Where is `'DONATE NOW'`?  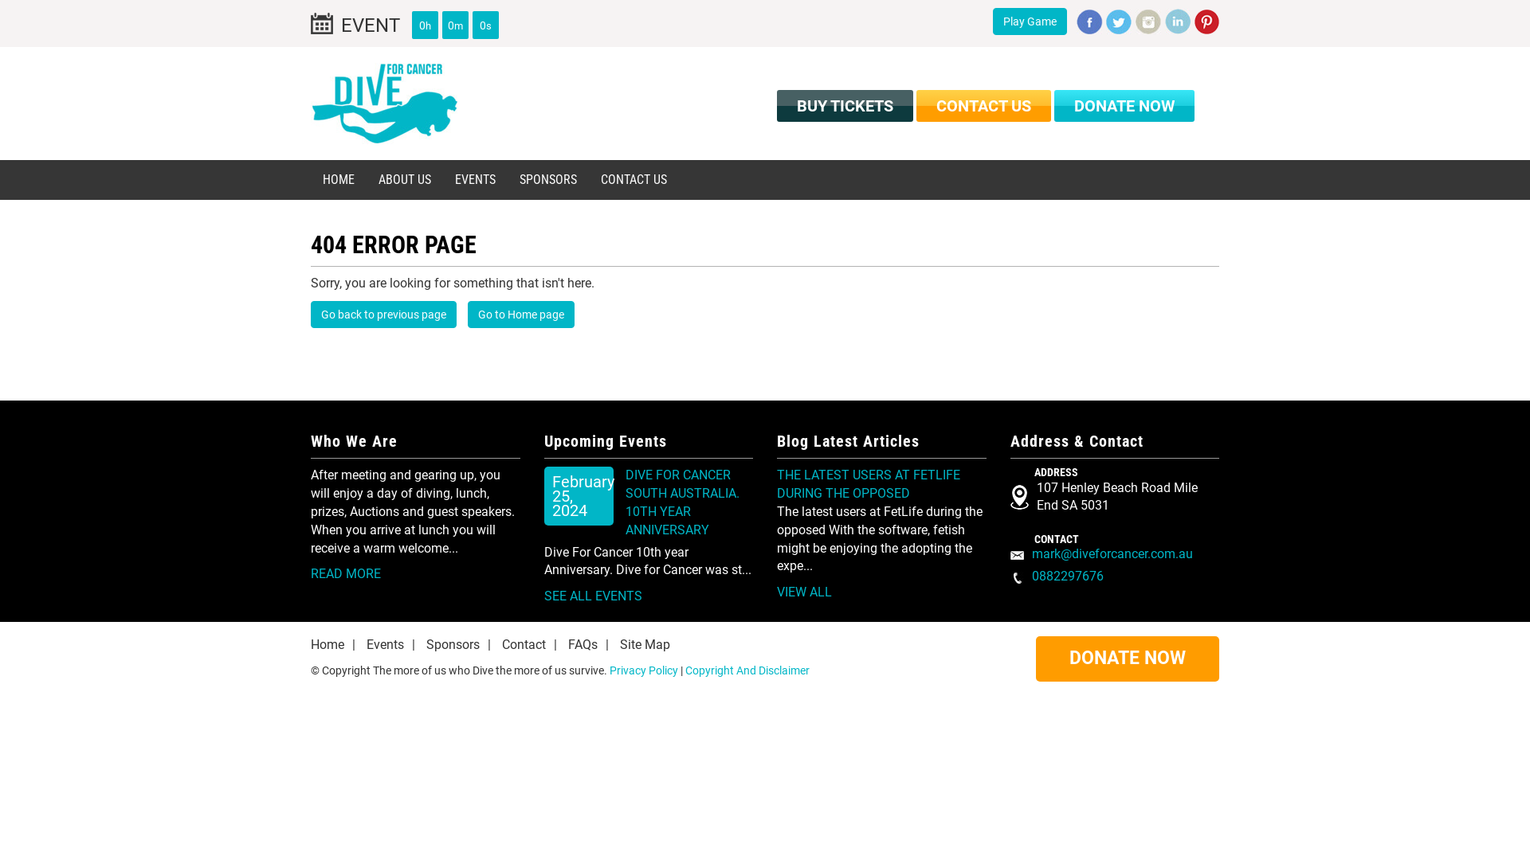
'DONATE NOW' is located at coordinates (1127, 659).